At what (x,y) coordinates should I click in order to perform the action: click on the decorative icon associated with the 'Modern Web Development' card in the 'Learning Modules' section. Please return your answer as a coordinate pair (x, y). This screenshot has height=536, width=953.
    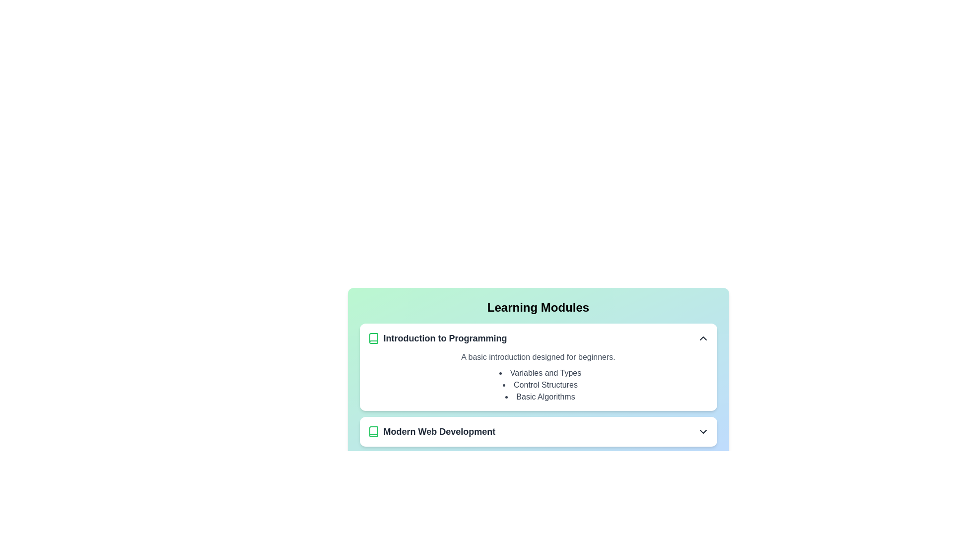
    Looking at the image, I should click on (373, 431).